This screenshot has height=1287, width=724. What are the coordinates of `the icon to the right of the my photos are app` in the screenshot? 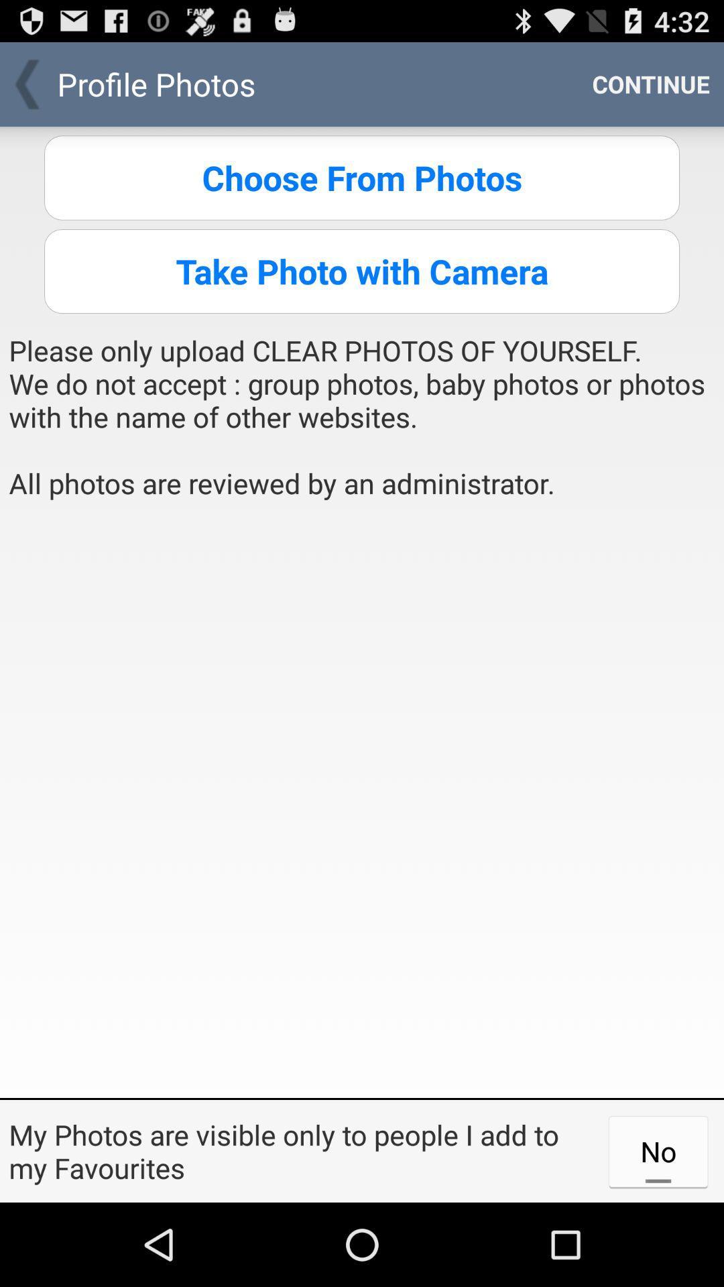 It's located at (658, 1150).